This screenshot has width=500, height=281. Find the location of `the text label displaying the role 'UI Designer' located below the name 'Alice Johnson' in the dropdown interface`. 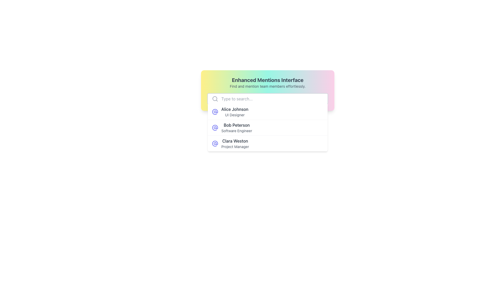

the text label displaying the role 'UI Designer' located below the name 'Alice Johnson' in the dropdown interface is located at coordinates (234, 115).